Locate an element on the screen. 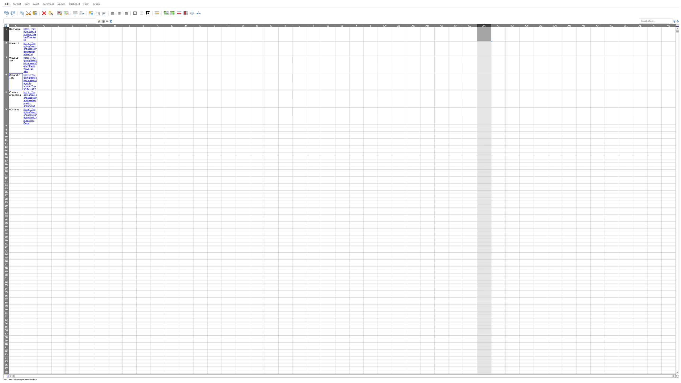 The image size is (681, 383). Activate column AI is located at coordinates (498, 25).